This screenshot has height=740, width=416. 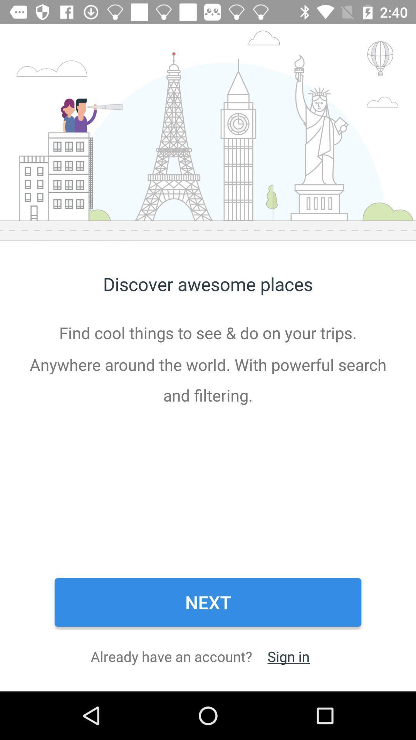 I want to click on item below find cool things item, so click(x=208, y=602).